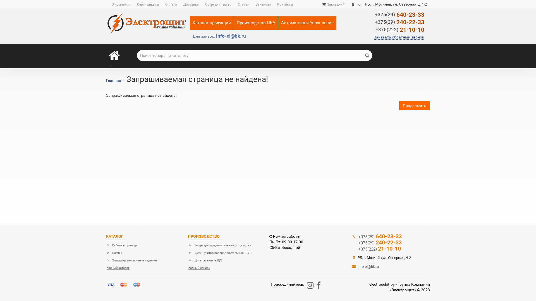 Image resolution: width=536 pixels, height=301 pixels. I want to click on '+375(29) 640-23-33', so click(358, 236).